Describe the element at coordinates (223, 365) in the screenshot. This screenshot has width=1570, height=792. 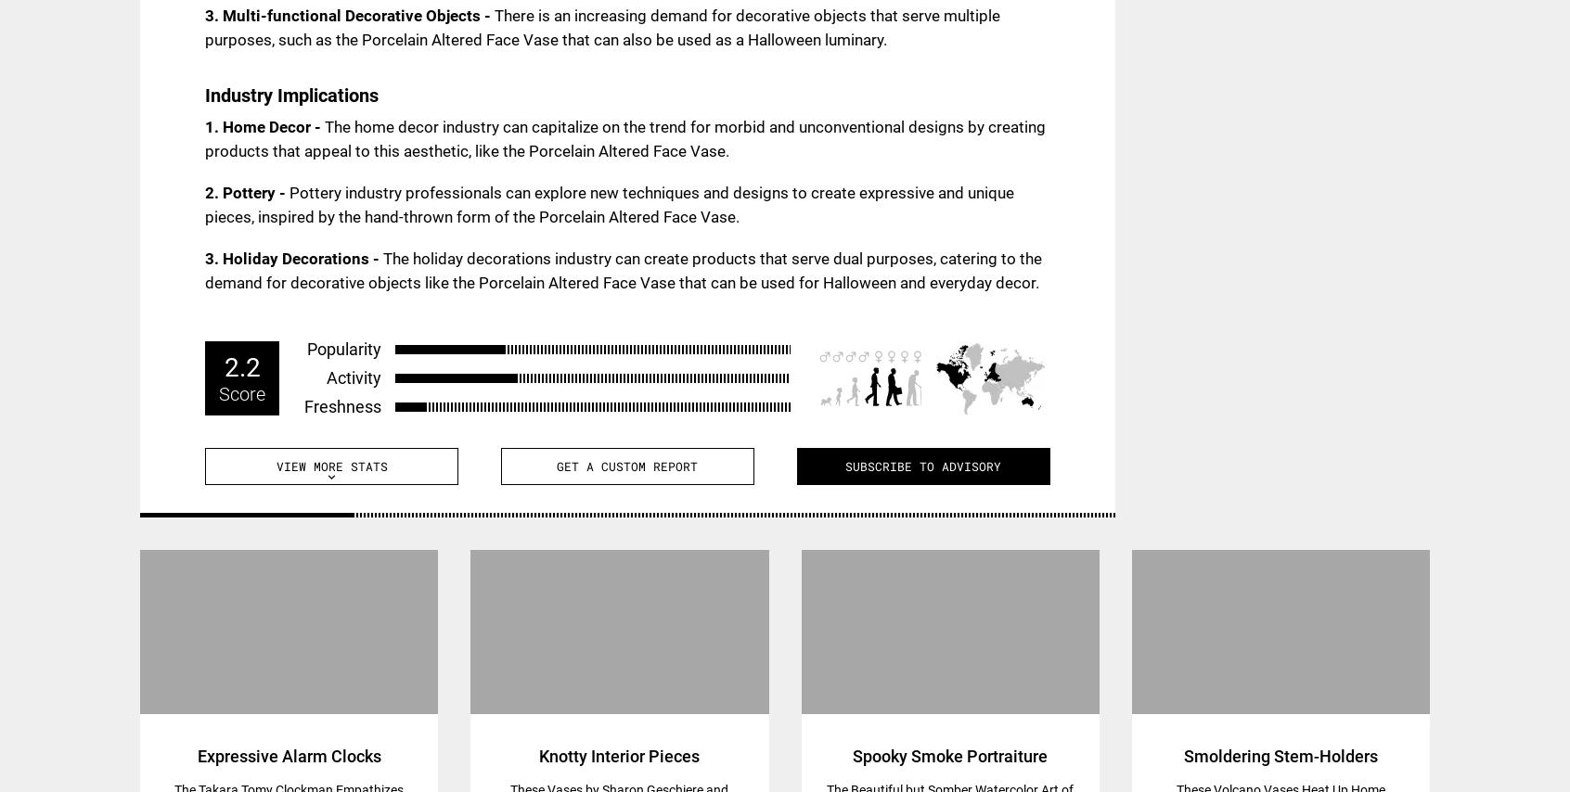
I see `'2.2'` at that location.